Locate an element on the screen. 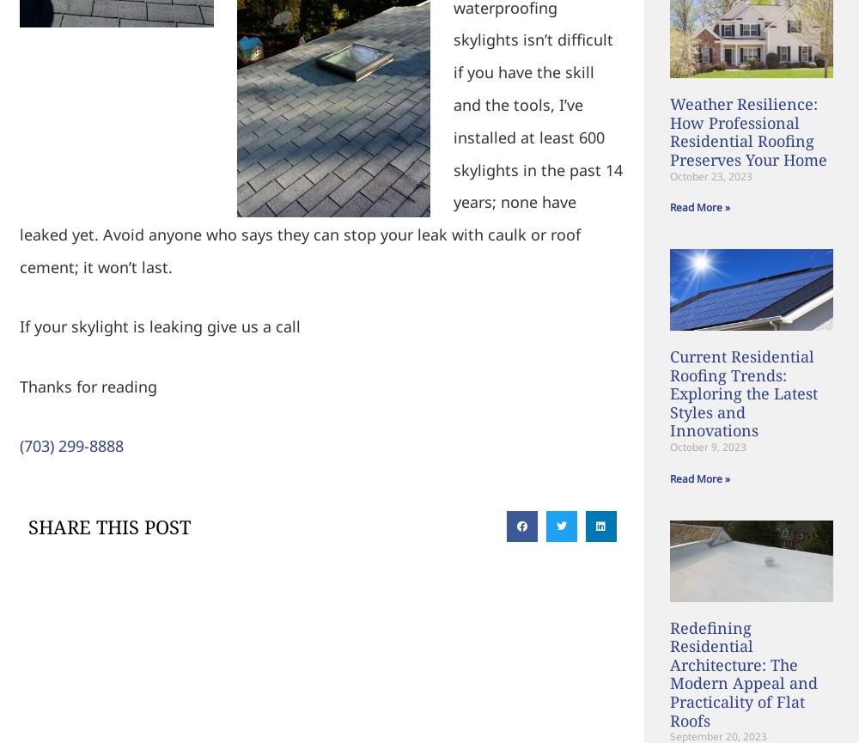 The width and height of the screenshot is (859, 743). 'Weather Resilience: How Professional Residential Roofing Preserves Your Home' is located at coordinates (747, 131).